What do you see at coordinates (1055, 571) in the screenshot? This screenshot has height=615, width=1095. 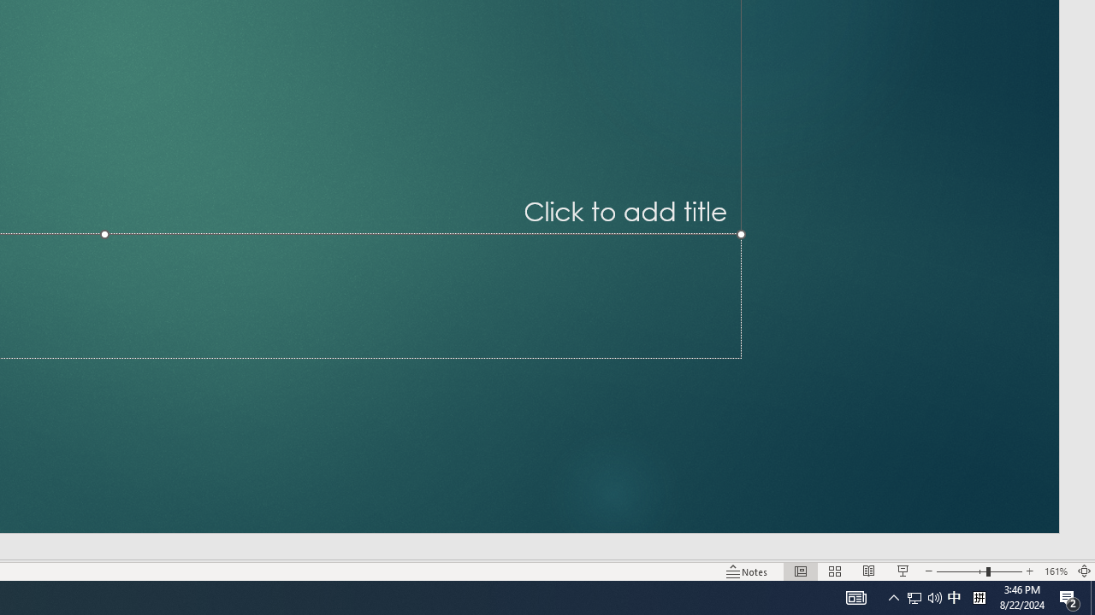 I see `'Zoom 161%'` at bounding box center [1055, 571].